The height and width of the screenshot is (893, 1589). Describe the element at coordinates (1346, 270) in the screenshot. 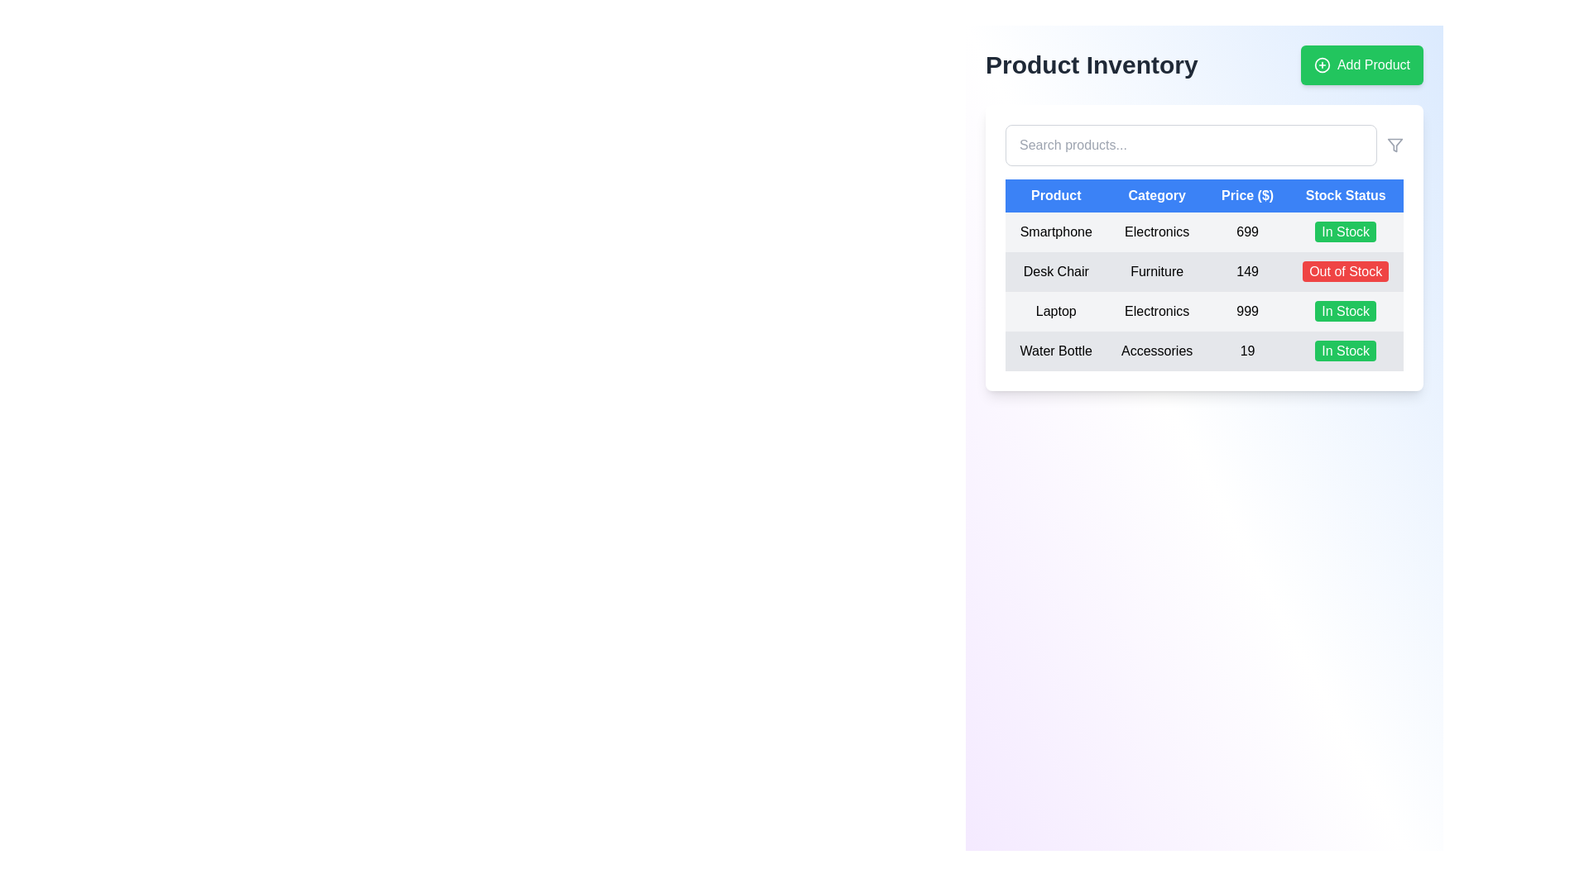

I see `the red rectangular button-like label that displays 'Out of Stock' text, located in the 'Product Inventory' panel under the 'Stock Status' column for the 'Desk Chair' entry` at that location.